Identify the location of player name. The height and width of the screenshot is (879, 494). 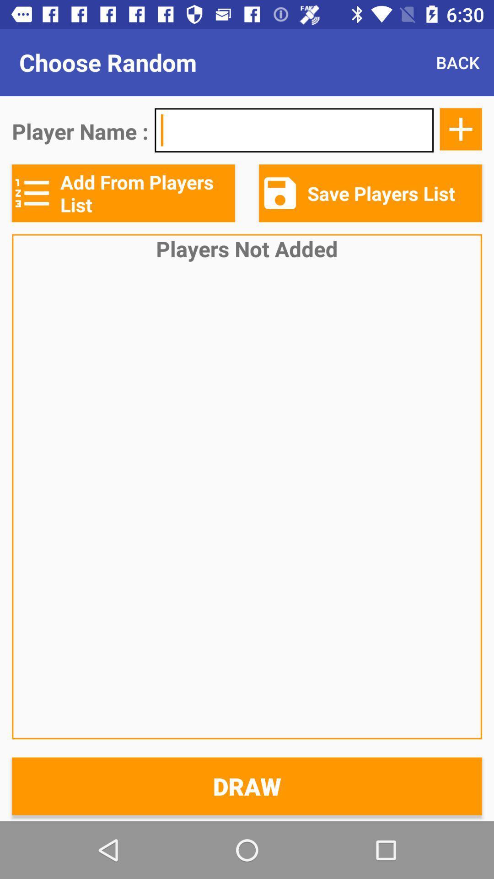
(294, 130).